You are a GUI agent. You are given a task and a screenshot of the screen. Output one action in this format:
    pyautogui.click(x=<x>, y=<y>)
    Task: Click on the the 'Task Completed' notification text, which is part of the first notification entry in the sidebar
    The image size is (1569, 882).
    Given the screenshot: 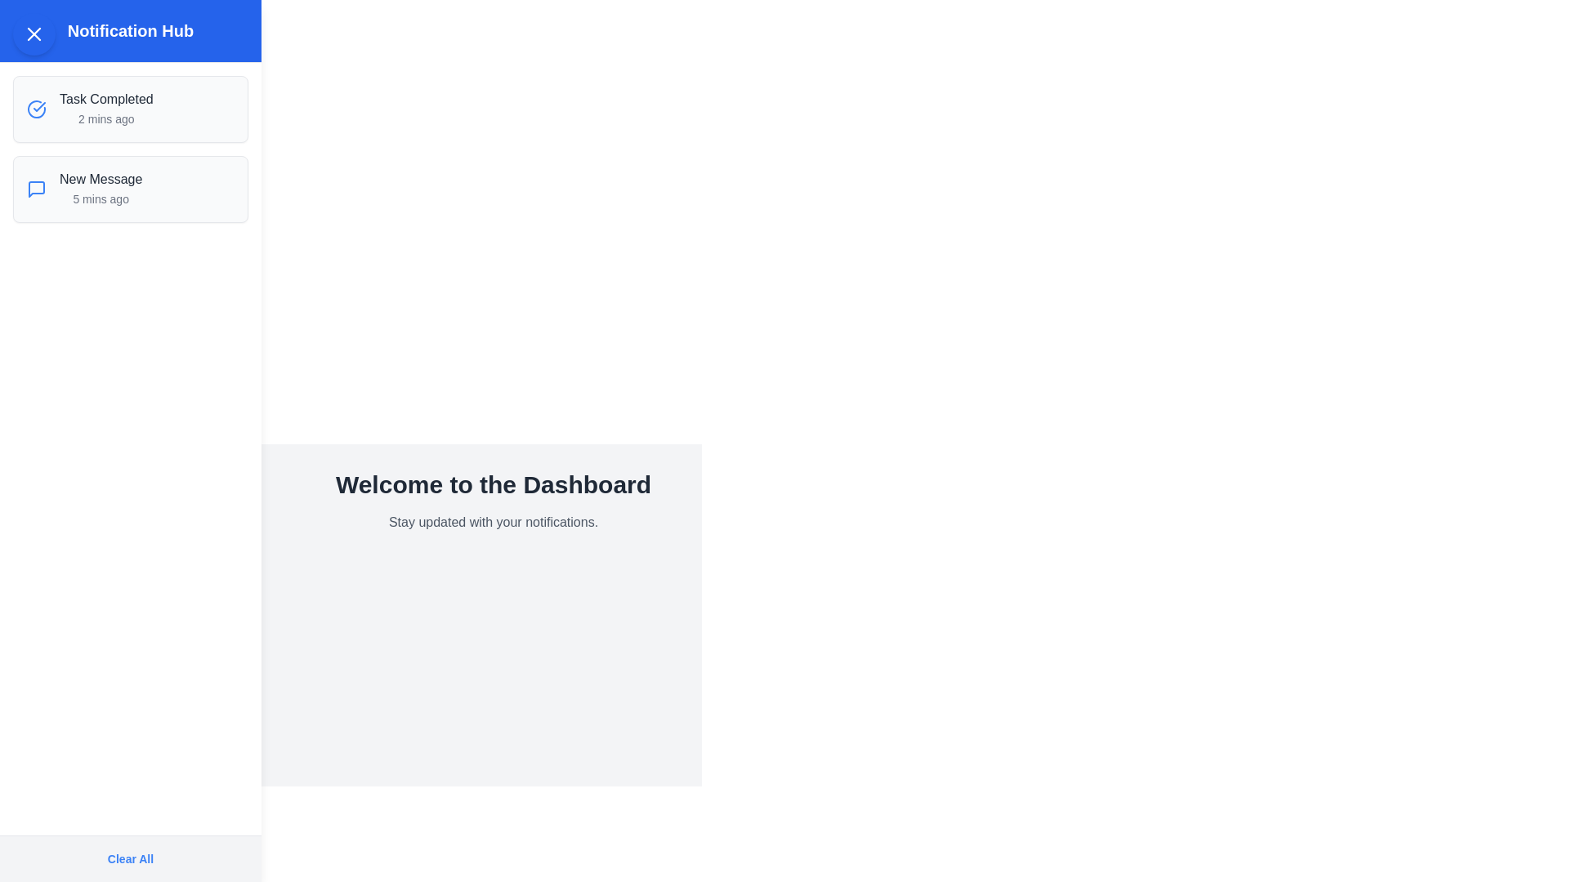 What is the action you would take?
    pyautogui.click(x=105, y=109)
    